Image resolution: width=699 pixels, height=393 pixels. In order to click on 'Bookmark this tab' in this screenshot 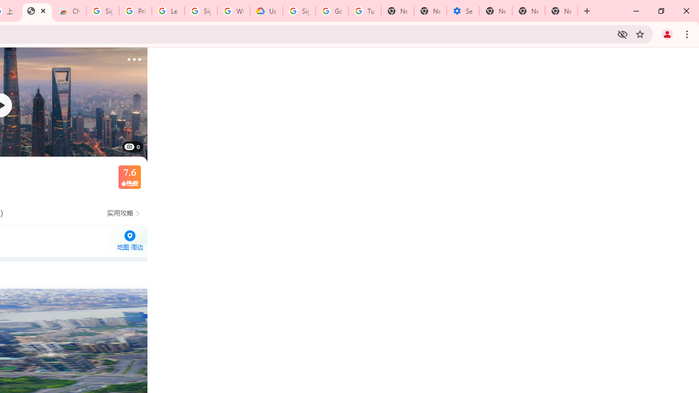, I will do `click(639, 33)`.